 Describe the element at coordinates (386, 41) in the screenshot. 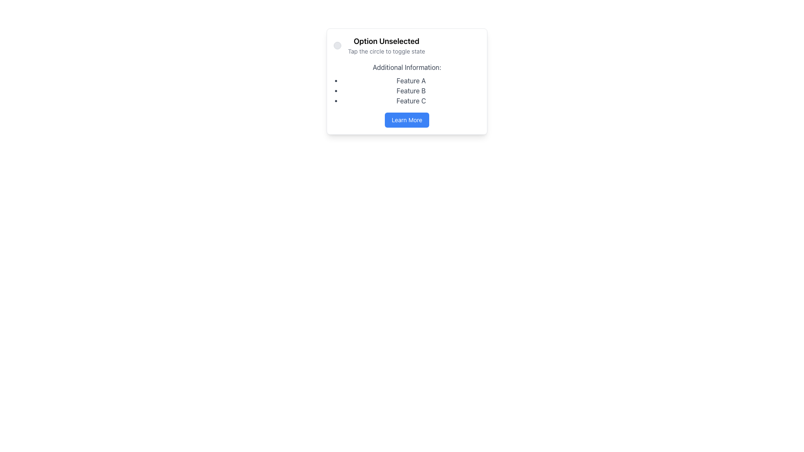

I see `the label with bolded black text reading 'Option Unselected', located at the top of the content card above the smaller text` at that location.